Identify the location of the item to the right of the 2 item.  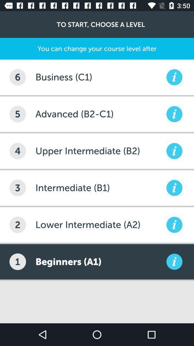
(100, 224).